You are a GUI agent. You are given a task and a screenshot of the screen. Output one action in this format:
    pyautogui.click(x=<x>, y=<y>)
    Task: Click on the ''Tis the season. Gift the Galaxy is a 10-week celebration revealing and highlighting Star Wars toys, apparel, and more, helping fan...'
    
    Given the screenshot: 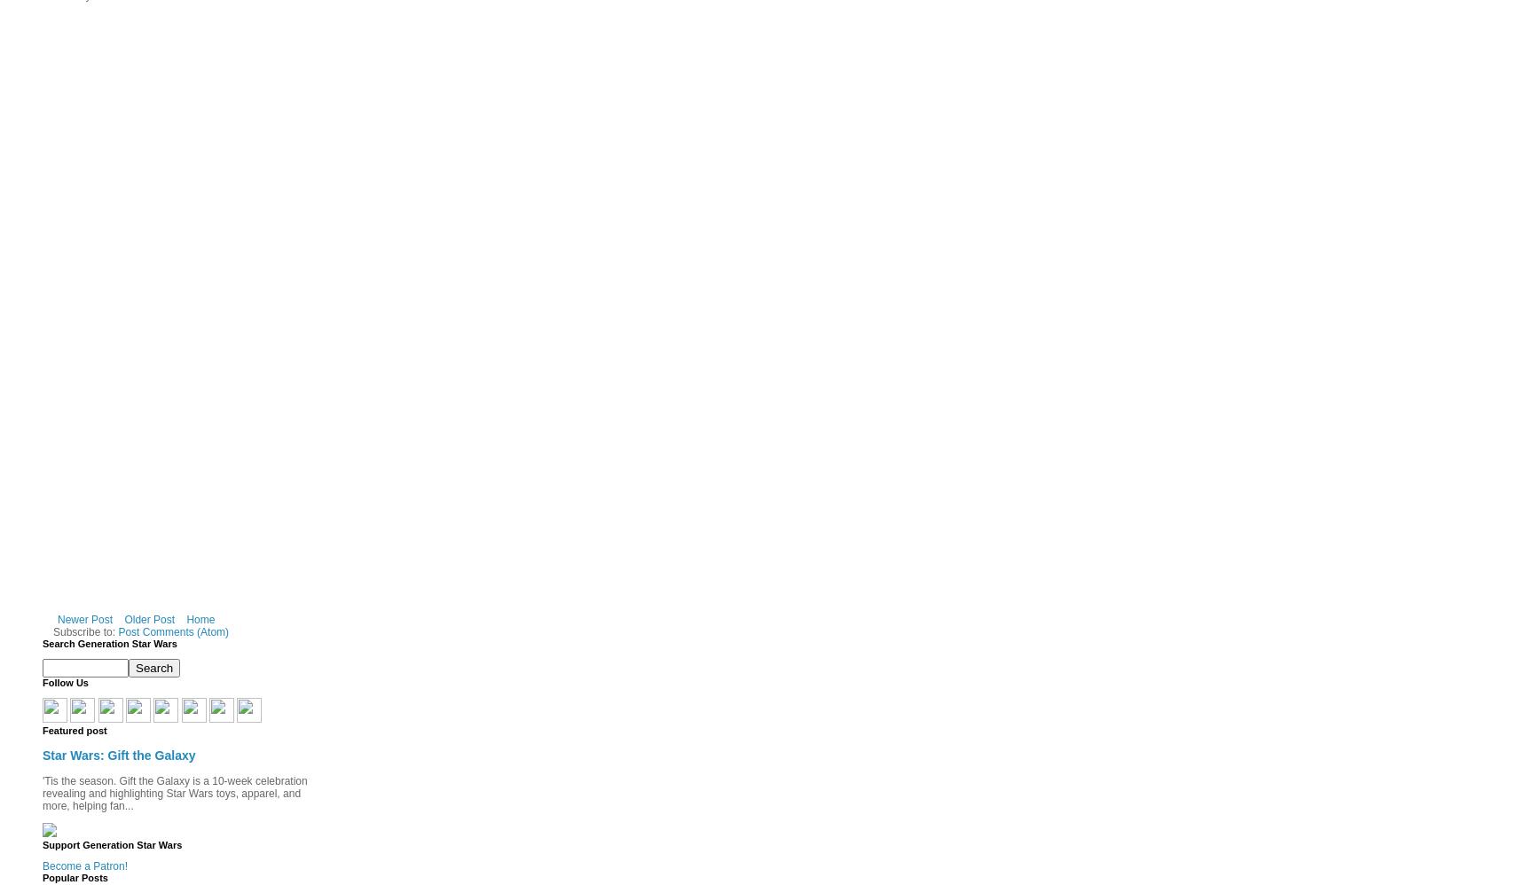 What is the action you would take?
    pyautogui.click(x=173, y=793)
    